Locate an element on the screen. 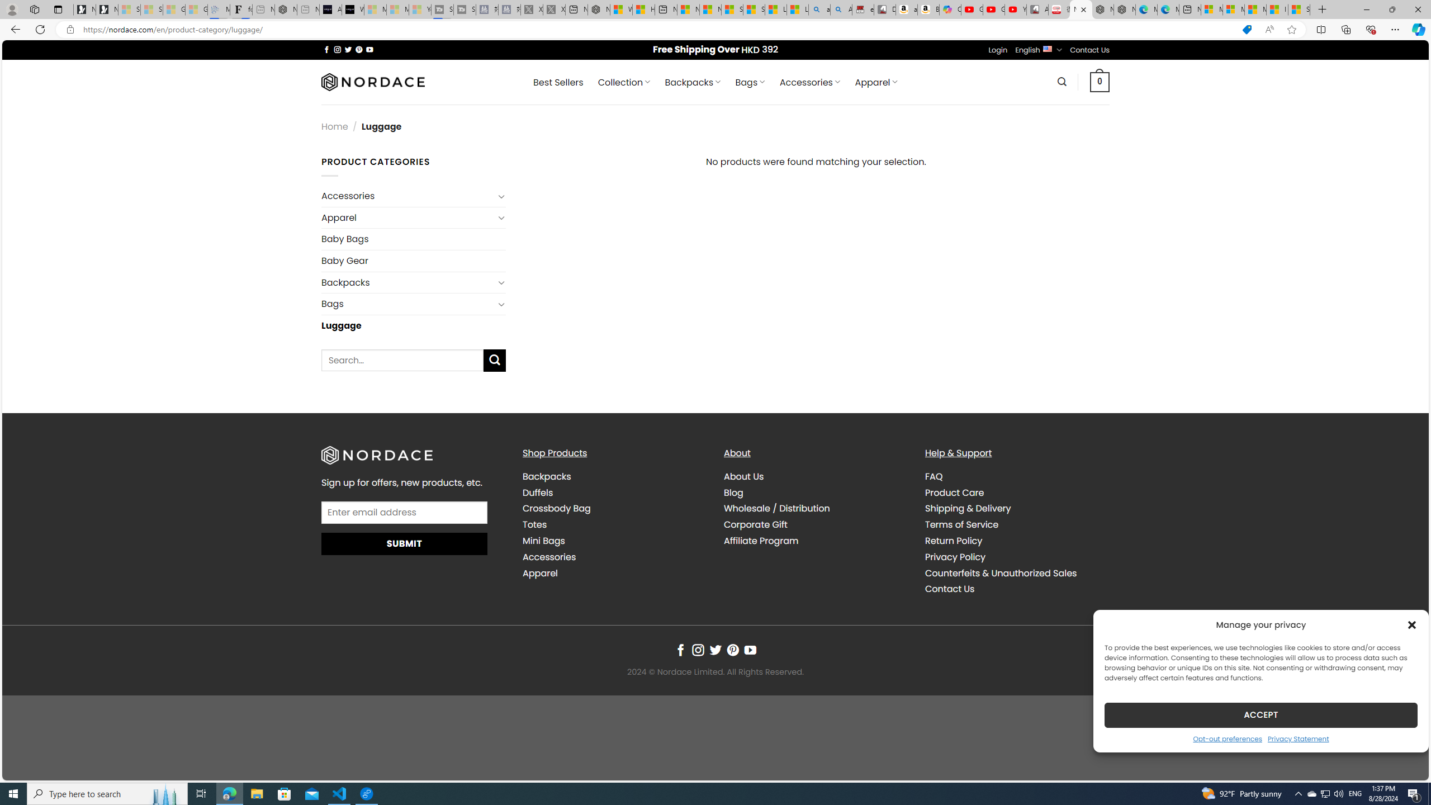  'Submit' is located at coordinates (404, 543).